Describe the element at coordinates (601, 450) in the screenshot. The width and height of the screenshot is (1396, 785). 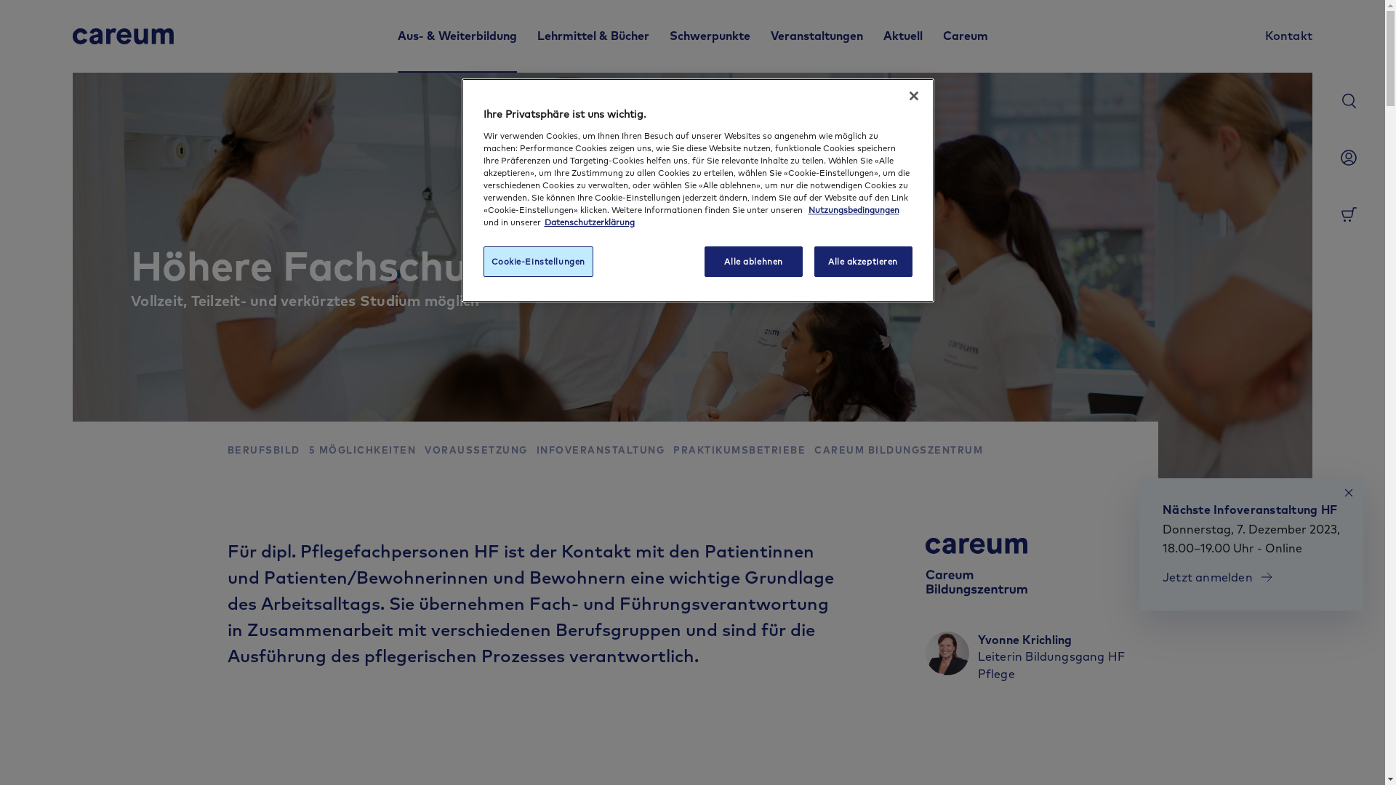
I see `'INFOVERANSTALTUNG'` at that location.